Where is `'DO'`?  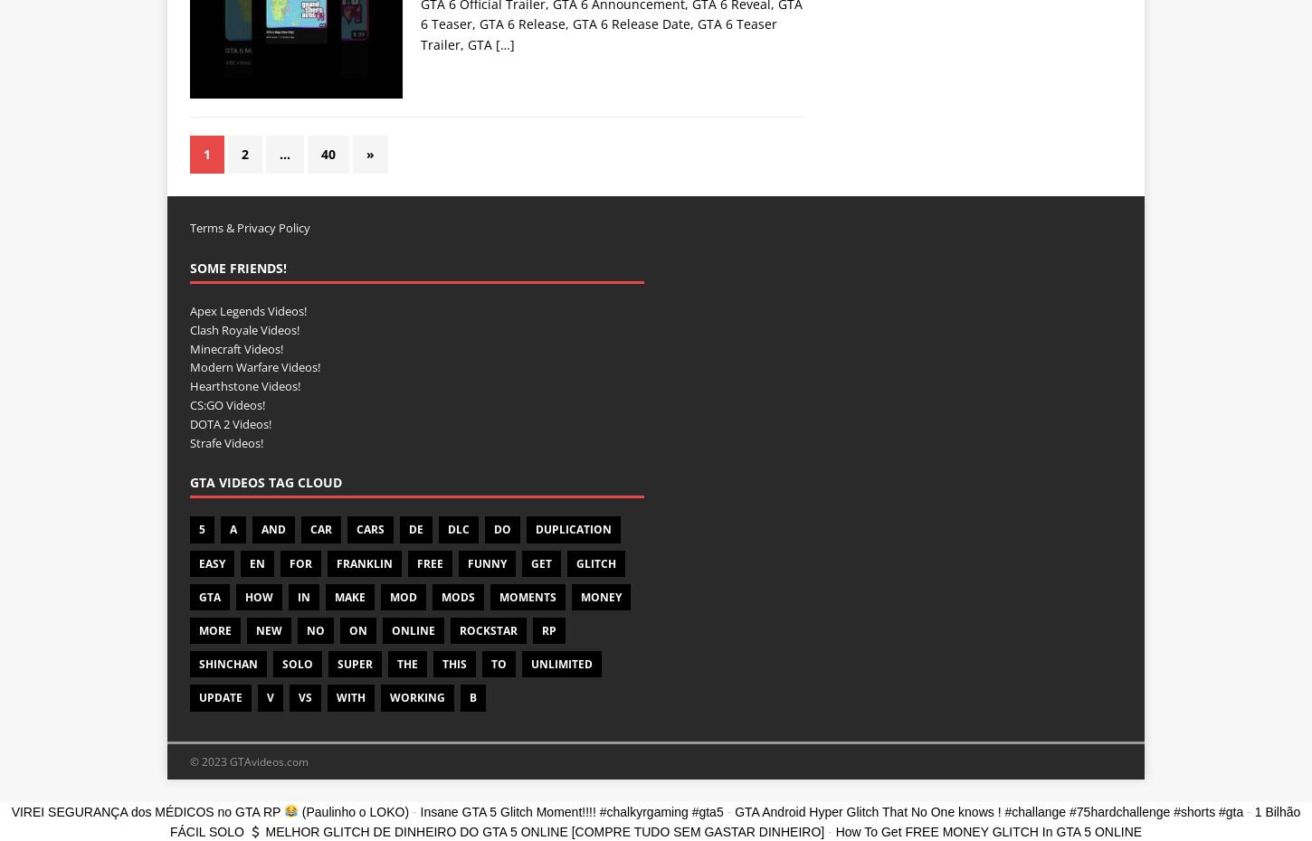 'DO' is located at coordinates (502, 529).